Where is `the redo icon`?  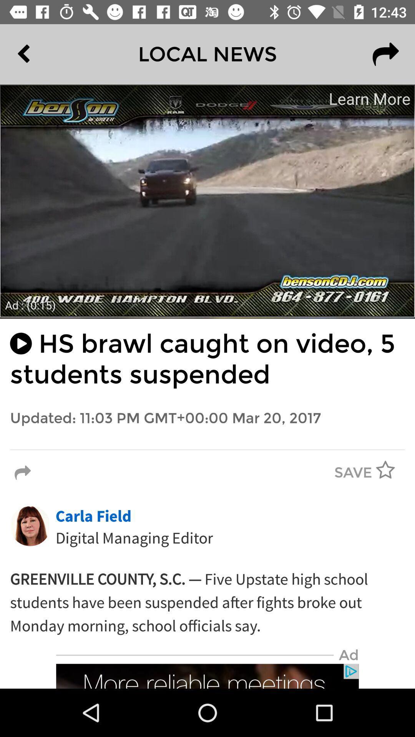
the redo icon is located at coordinates (385, 54).